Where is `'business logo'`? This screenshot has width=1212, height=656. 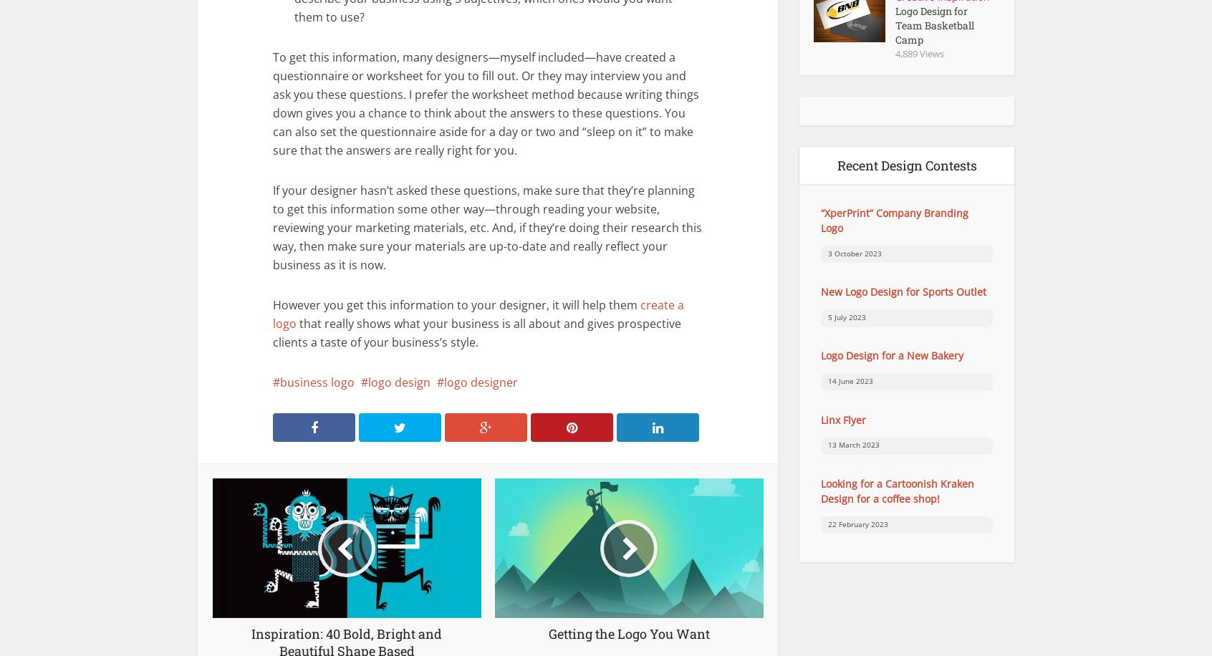
'business logo' is located at coordinates (316, 382).